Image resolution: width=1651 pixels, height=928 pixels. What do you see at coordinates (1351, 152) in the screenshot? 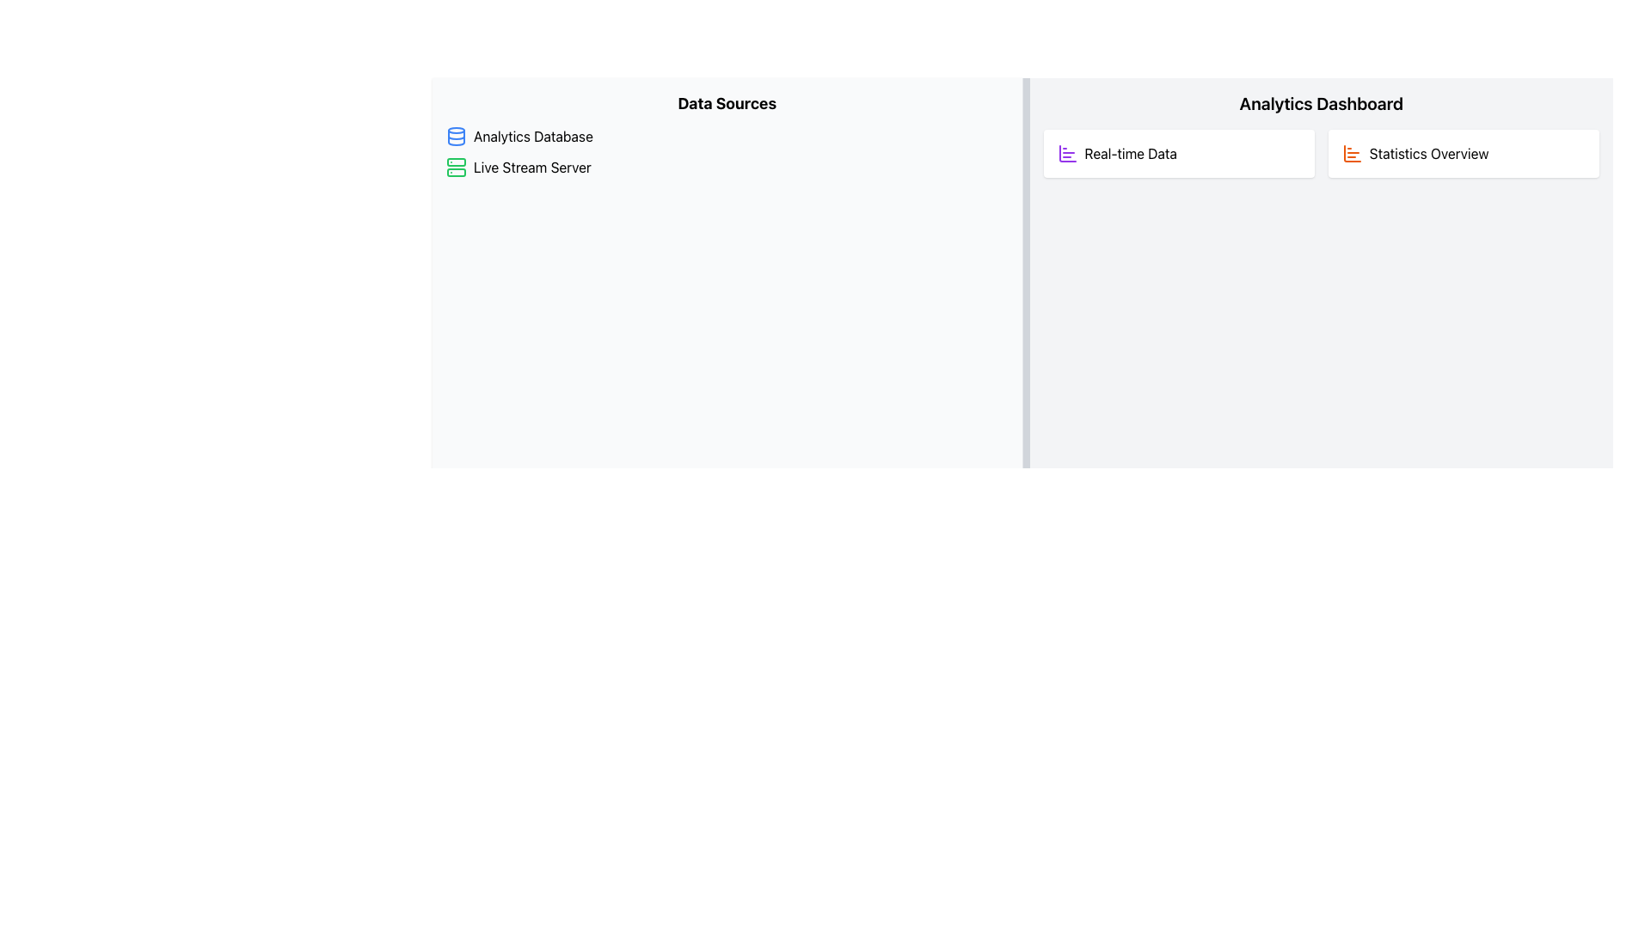
I see `the bar chart icon styled in orange within the 'Statistics Overview' button in the 'Analytics Dashboard' section` at bounding box center [1351, 152].